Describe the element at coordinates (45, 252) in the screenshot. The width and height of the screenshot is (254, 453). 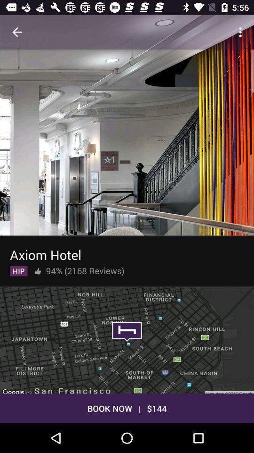
I see `the item above 94% (2168 reviews) item` at that location.